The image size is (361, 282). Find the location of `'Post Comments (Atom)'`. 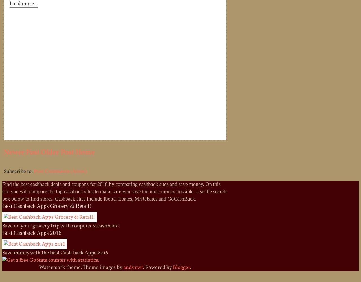

'Post Comments (Atom)' is located at coordinates (60, 171).